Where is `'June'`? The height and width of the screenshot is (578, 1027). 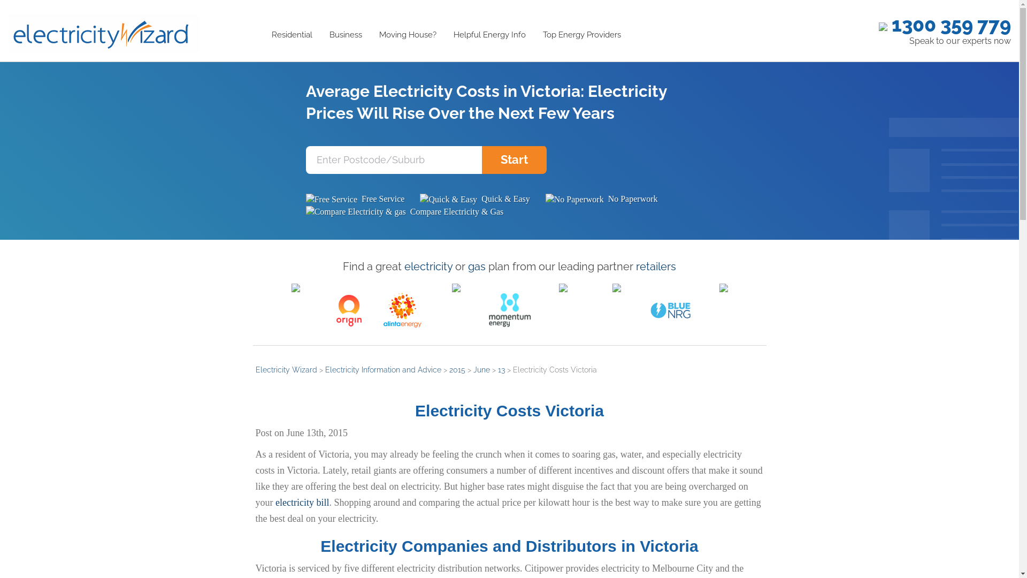
'June' is located at coordinates (480, 369).